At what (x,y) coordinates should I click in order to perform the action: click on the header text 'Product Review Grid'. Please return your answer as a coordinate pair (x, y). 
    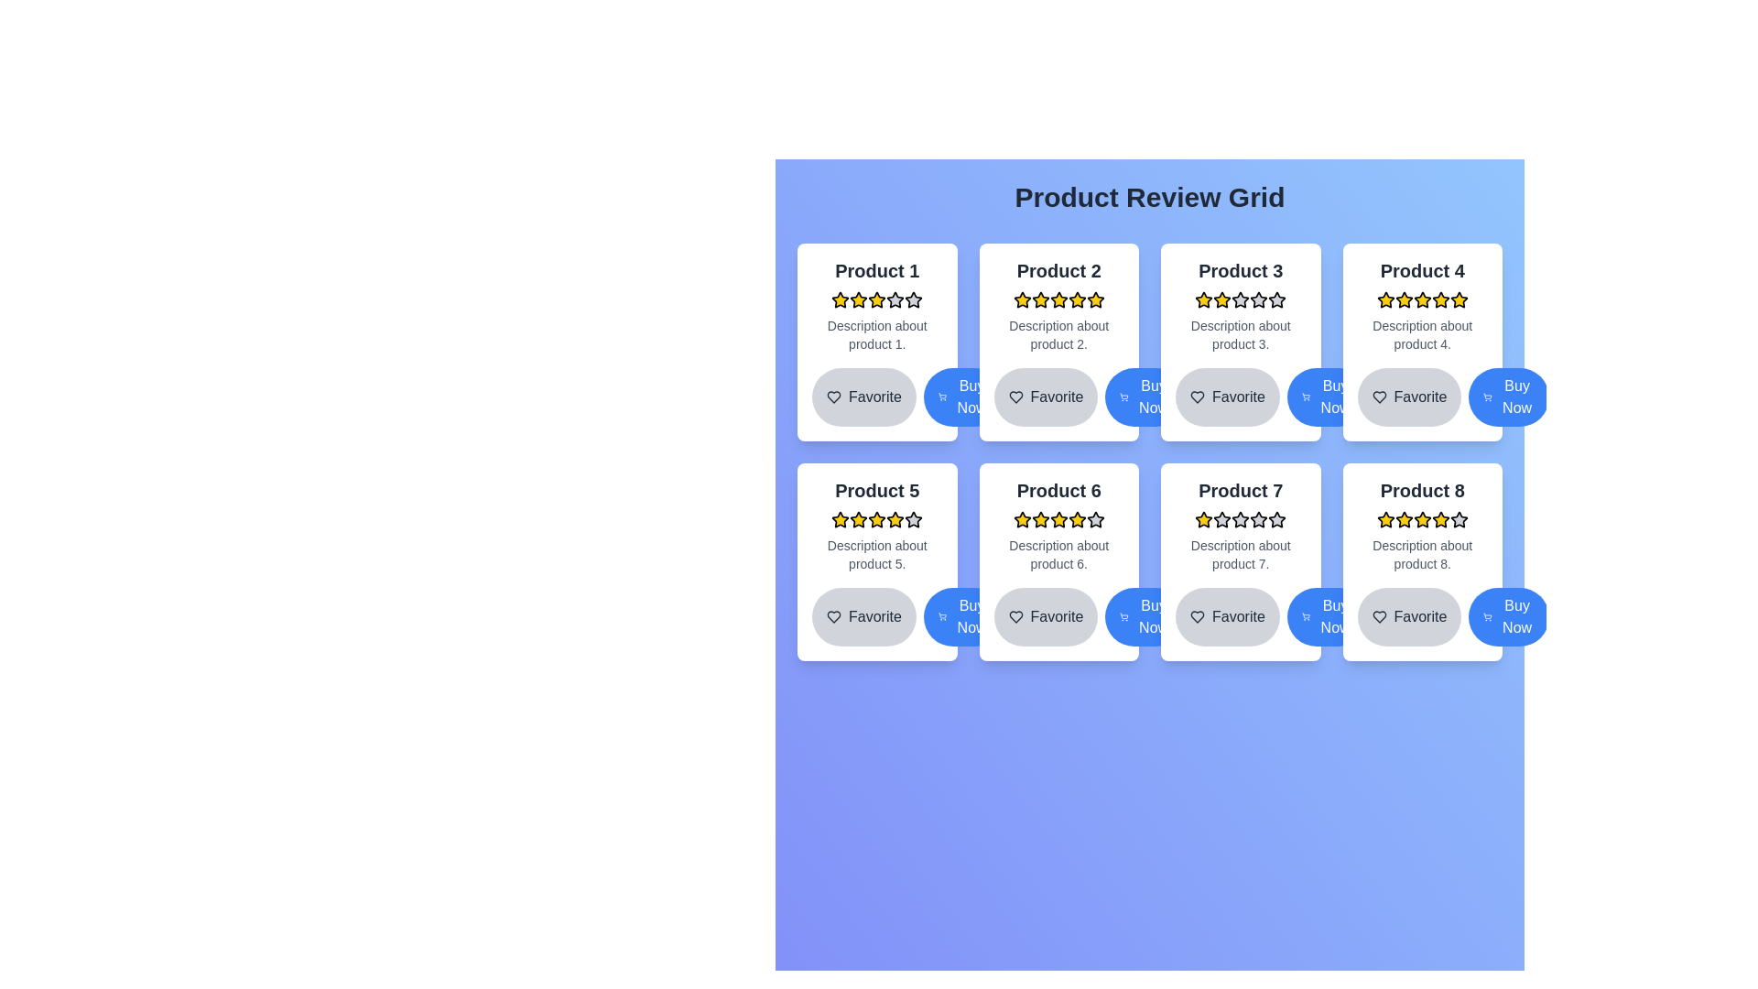
    Looking at the image, I should click on (1149, 198).